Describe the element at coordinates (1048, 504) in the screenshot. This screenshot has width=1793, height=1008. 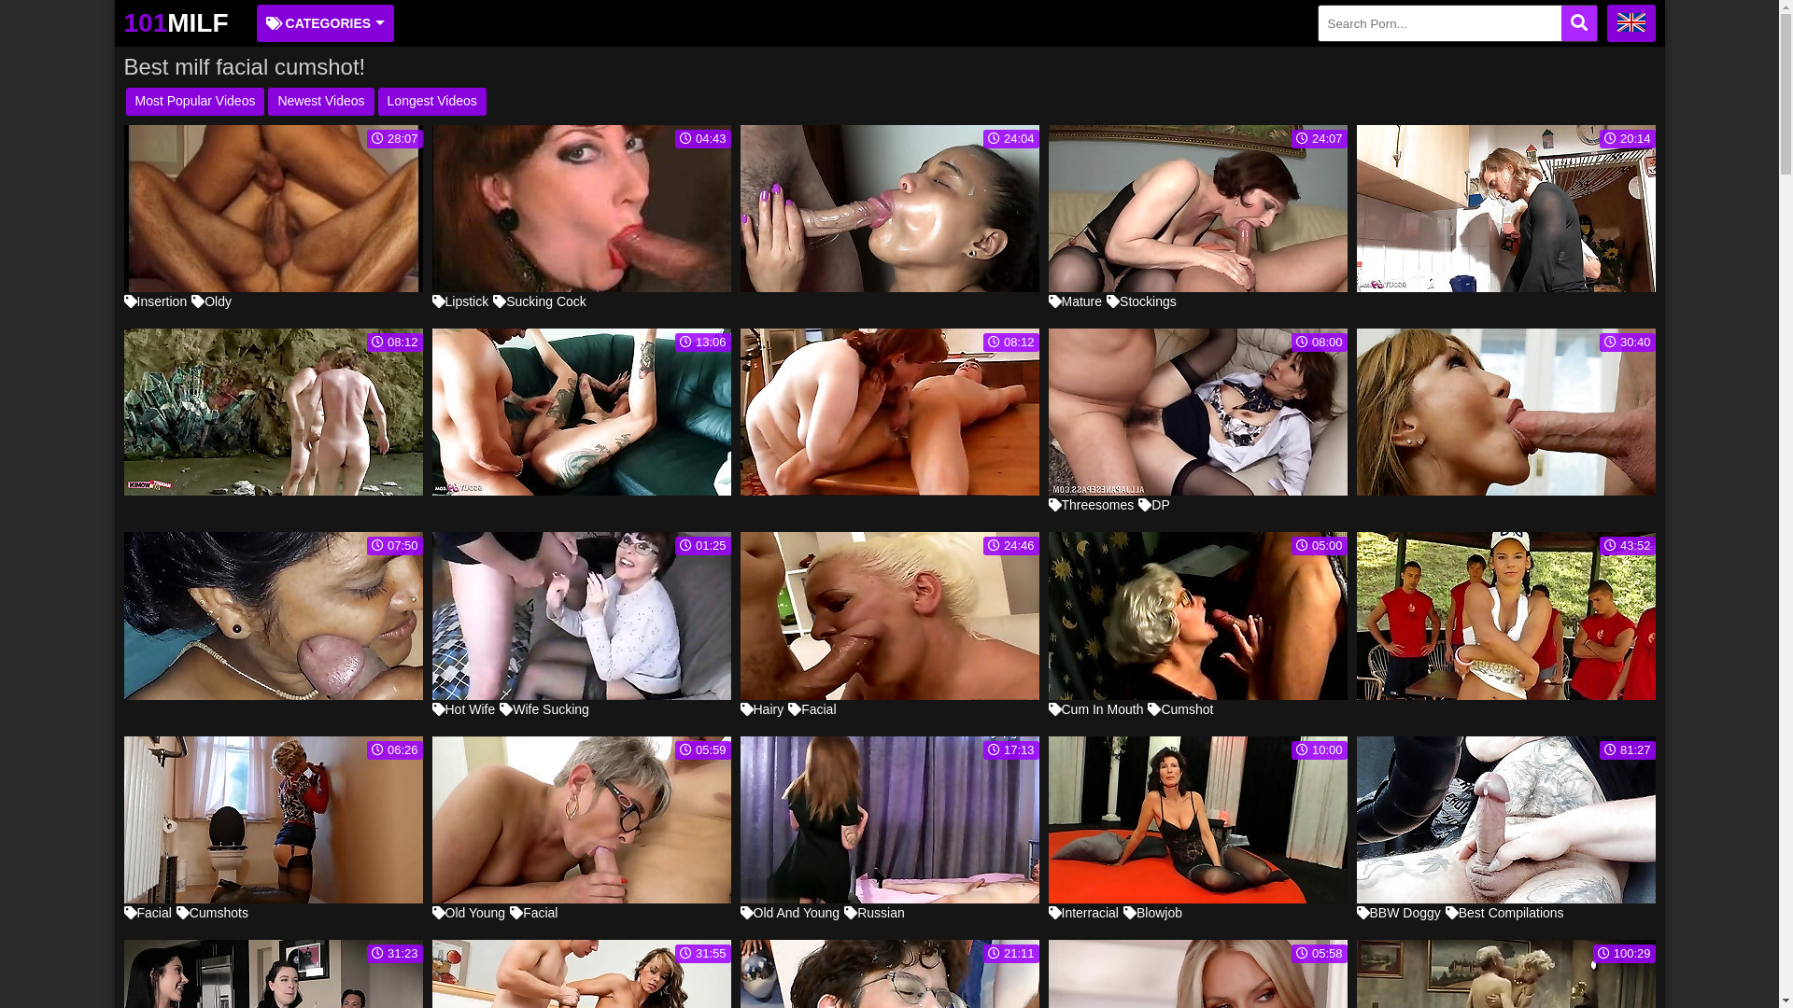
I see `'Threesomes'` at that location.